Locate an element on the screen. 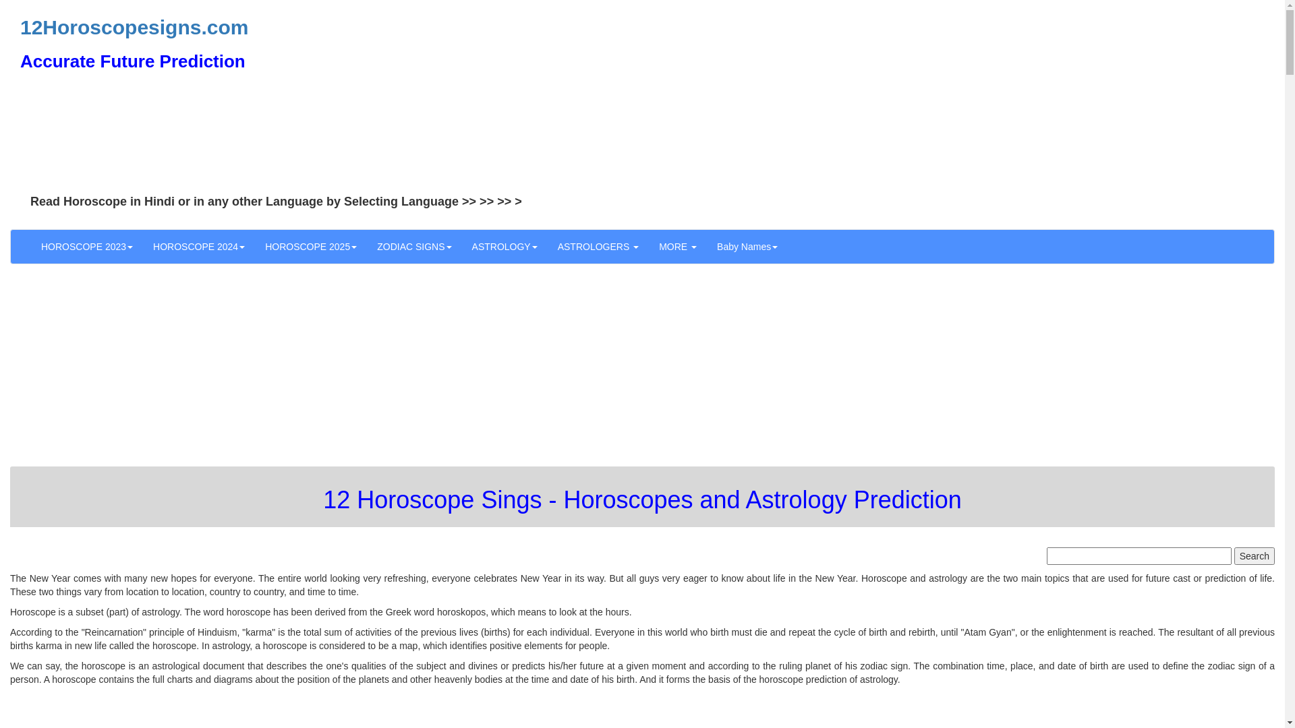 The image size is (1295, 728). 'HOROSCOPE 2023' is located at coordinates (86, 247).